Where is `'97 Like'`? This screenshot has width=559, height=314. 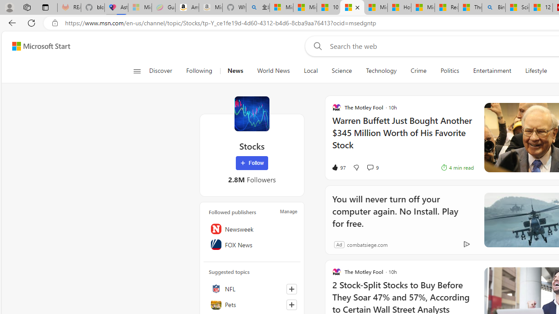 '97 Like' is located at coordinates (338, 167).